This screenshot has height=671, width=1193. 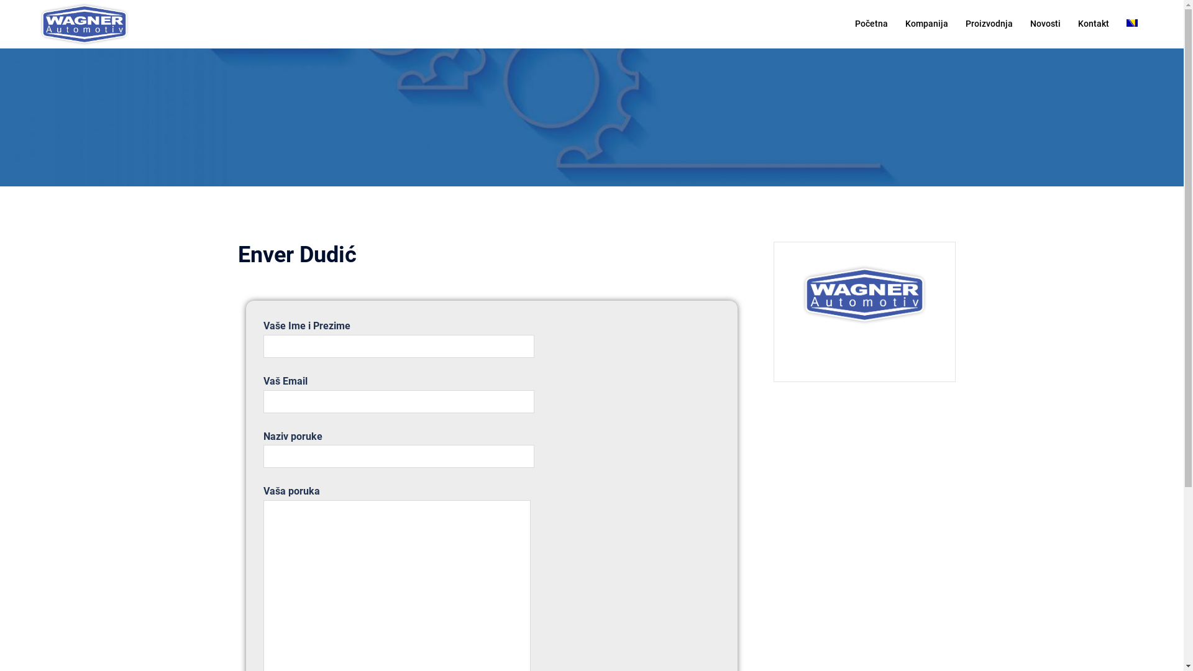 What do you see at coordinates (1044, 24) in the screenshot?
I see `'Novosti'` at bounding box center [1044, 24].